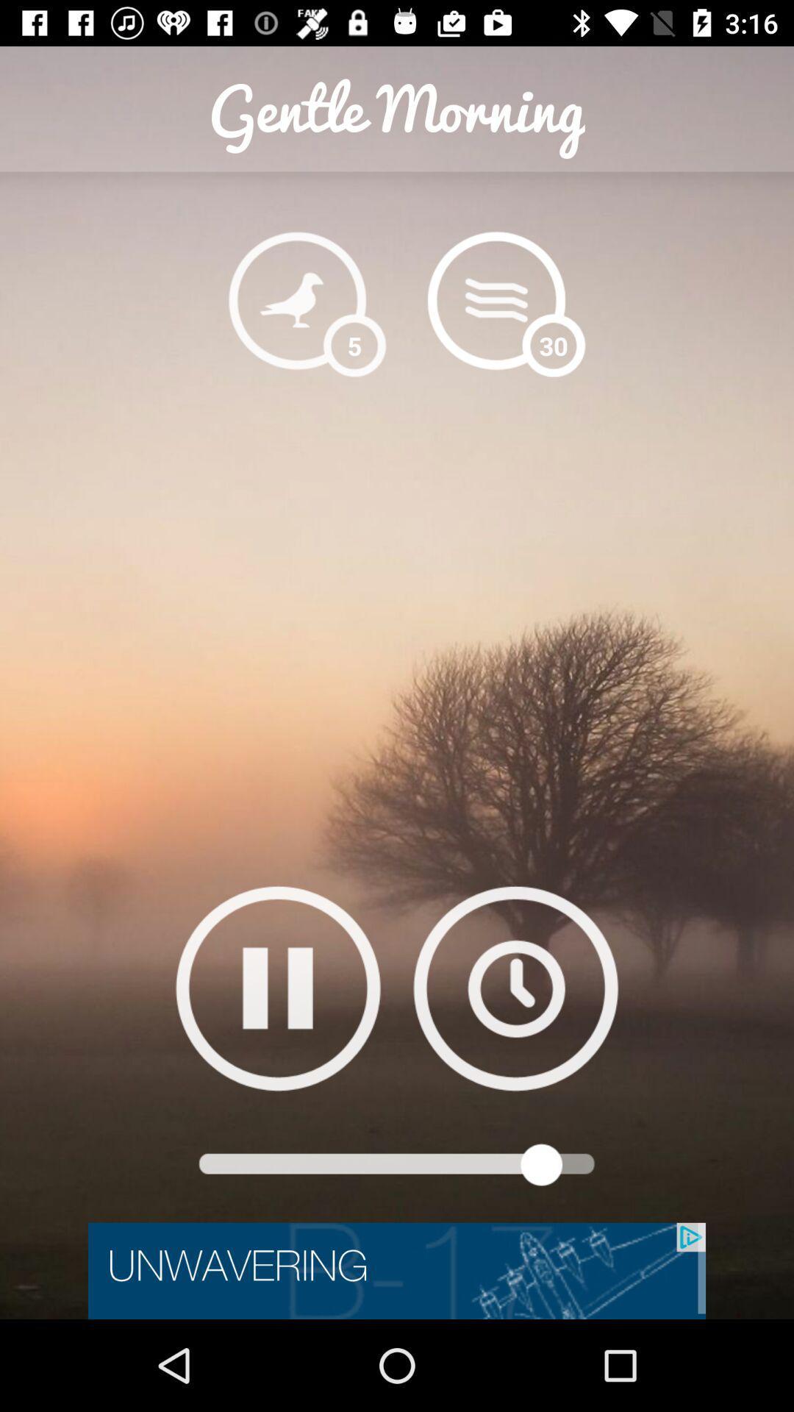  Describe the element at coordinates (515, 988) in the screenshot. I see `adjust timer` at that location.